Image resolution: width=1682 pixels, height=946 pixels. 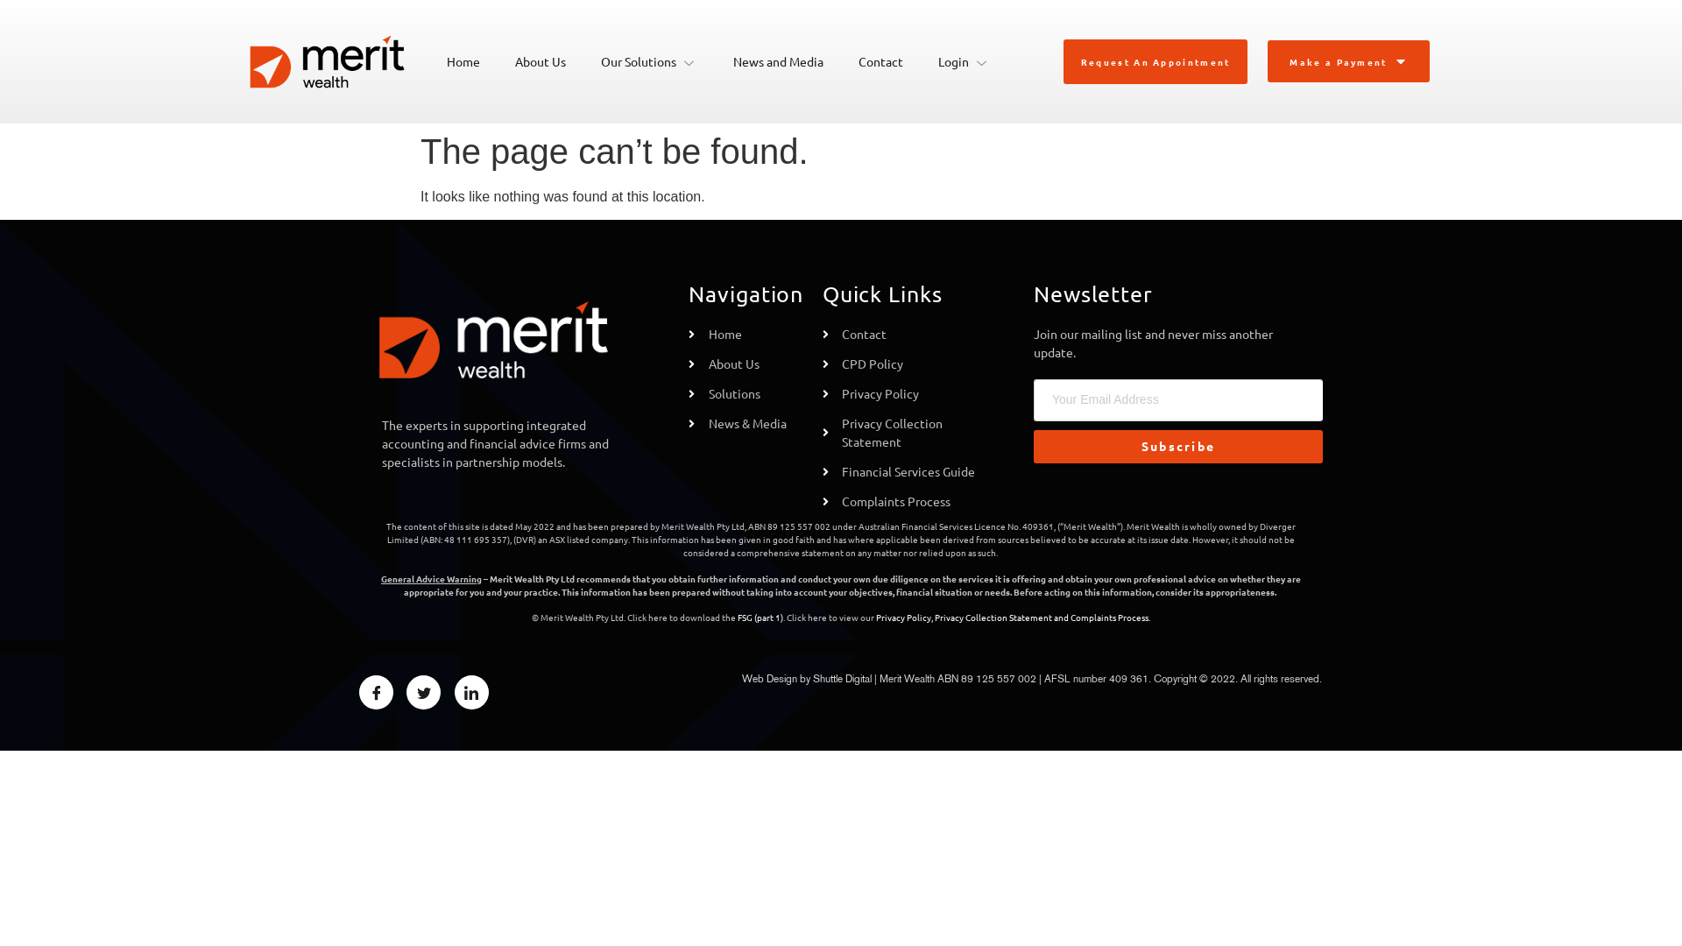 I want to click on 'CPD Policy', so click(x=906, y=363).